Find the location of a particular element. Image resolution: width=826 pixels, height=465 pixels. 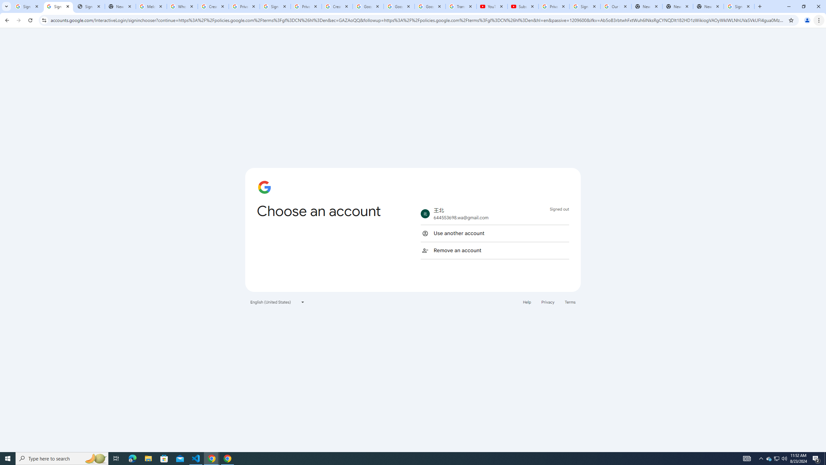

'YouTube' is located at coordinates (492, 6).